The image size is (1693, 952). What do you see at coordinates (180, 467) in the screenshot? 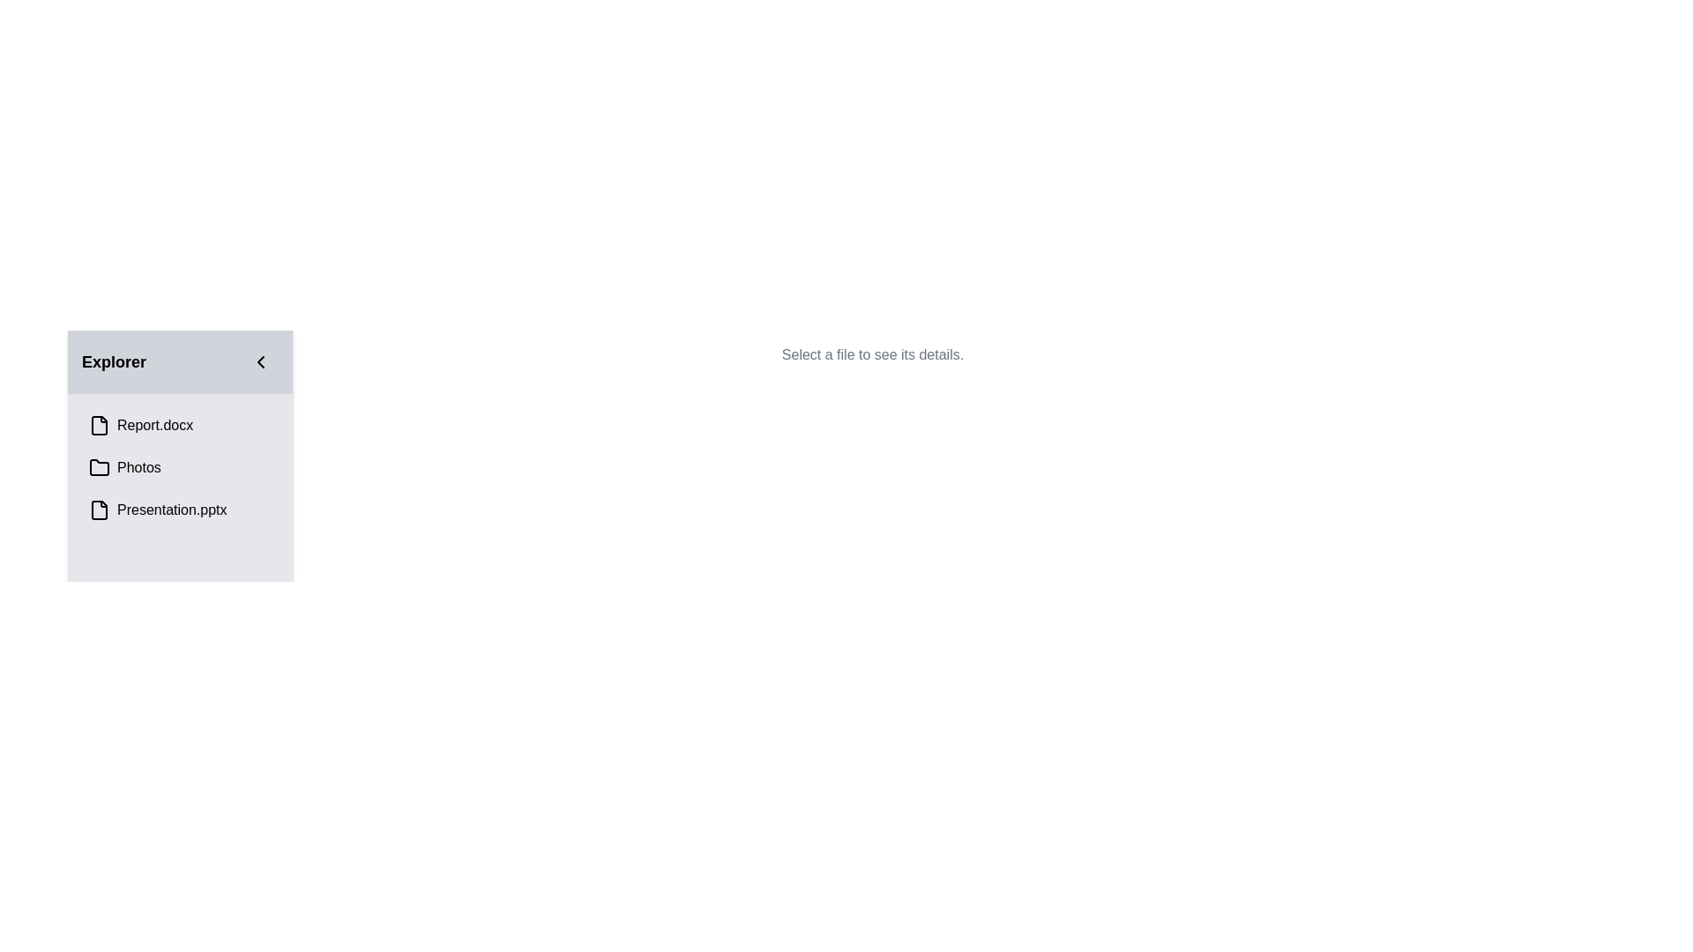
I see `the folder button representing the 'Photos' folder for visual feedback, which is the second item in a vertical list of selectable items, located between 'Report.docx' and 'Presentation.pptx'` at bounding box center [180, 467].